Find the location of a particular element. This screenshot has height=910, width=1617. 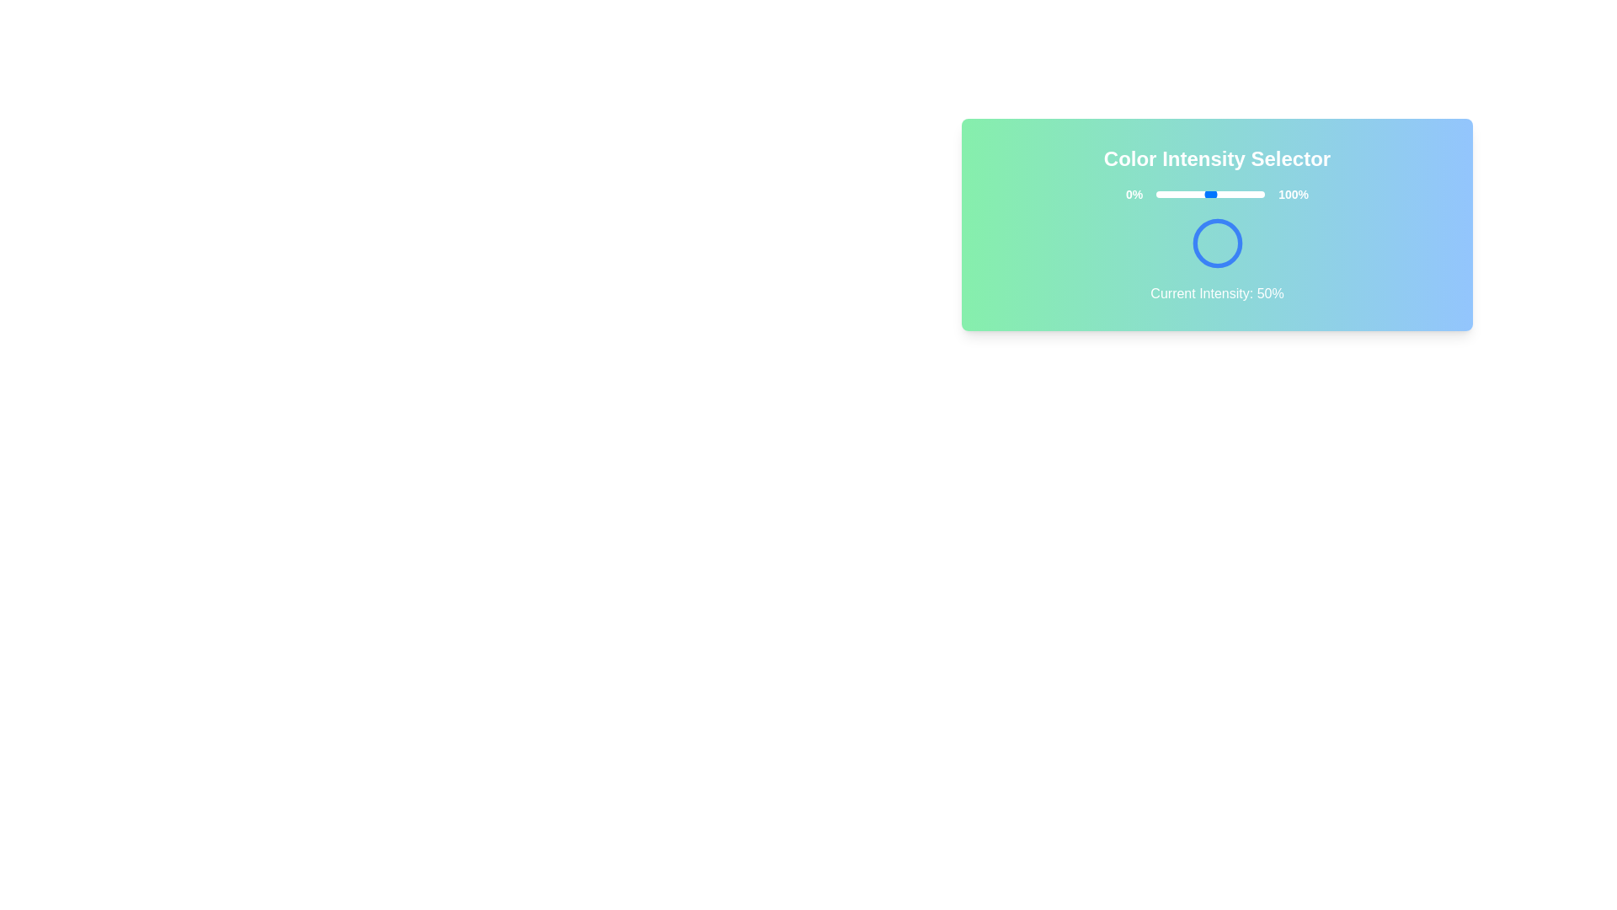

the slider to set the color intensity to 4% is located at coordinates (1160, 194).